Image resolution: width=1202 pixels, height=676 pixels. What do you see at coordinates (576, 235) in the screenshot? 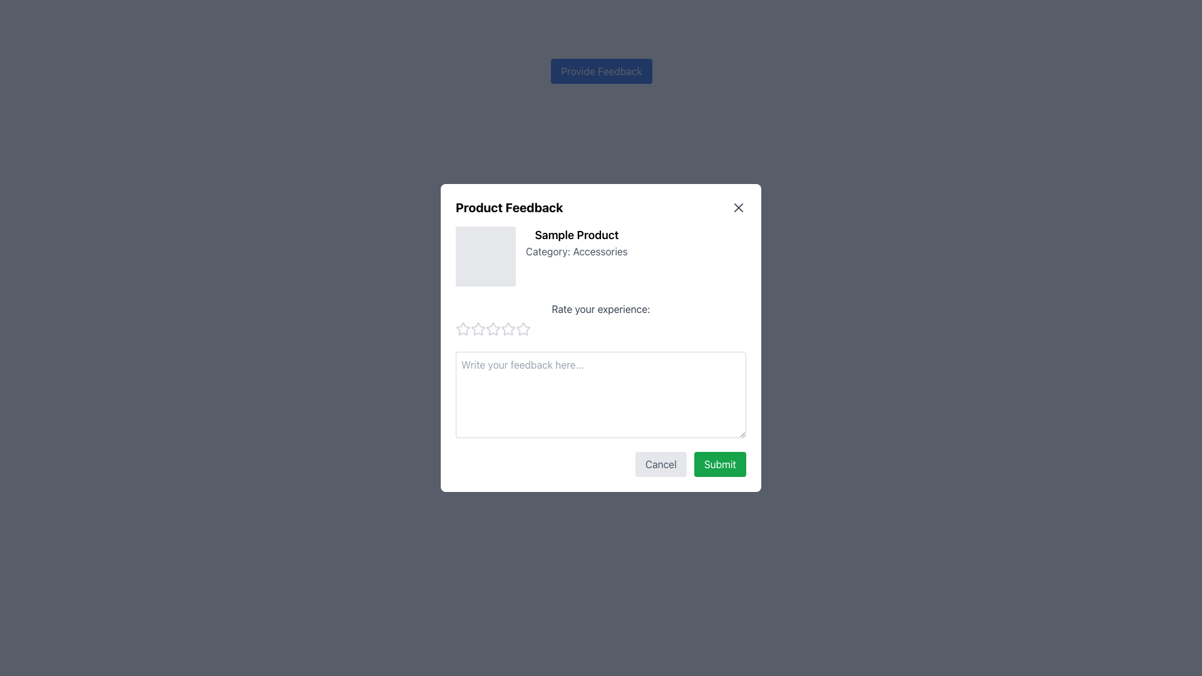
I see `the Text Label that serves as a title for the product, located at the top of the modal dialog, to the right of an image placeholder` at bounding box center [576, 235].